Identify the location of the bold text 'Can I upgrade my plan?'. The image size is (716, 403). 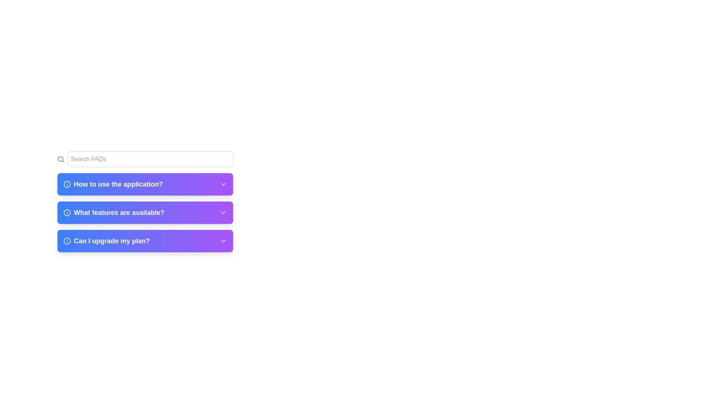
(106, 241).